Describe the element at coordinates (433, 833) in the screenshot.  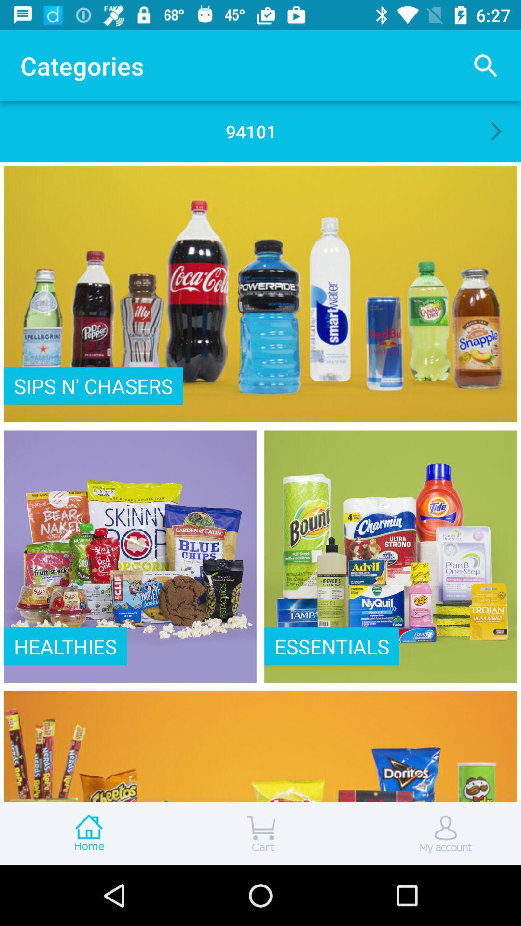
I see `the microphone icon` at that location.